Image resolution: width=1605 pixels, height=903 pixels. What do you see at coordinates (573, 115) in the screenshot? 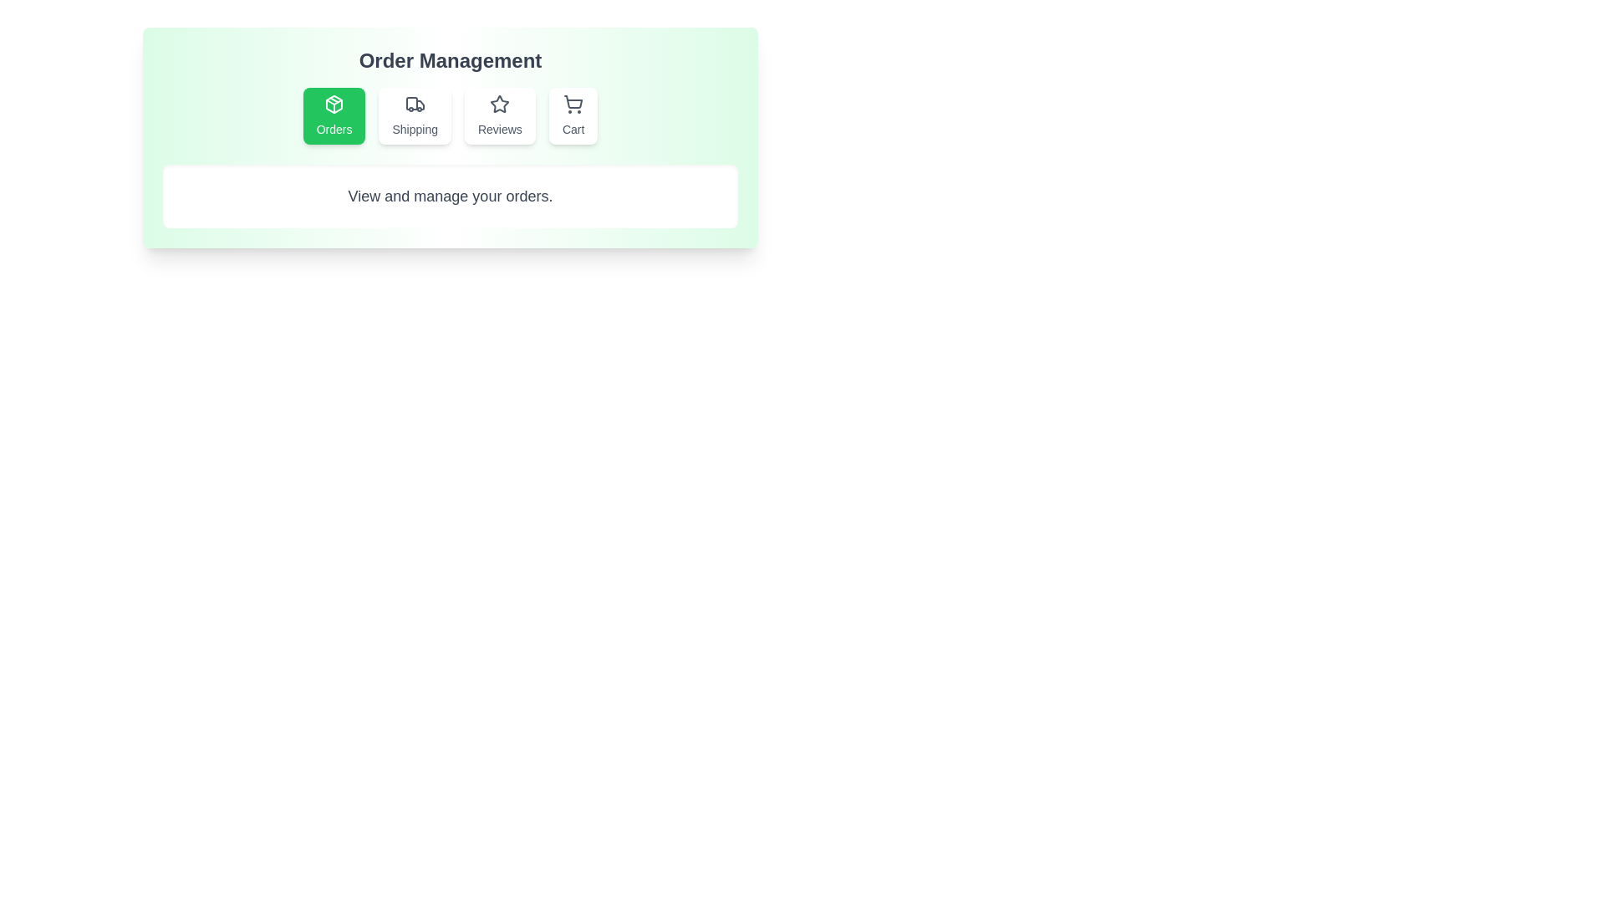
I see `the cart button located at the far-right of the button group` at bounding box center [573, 115].